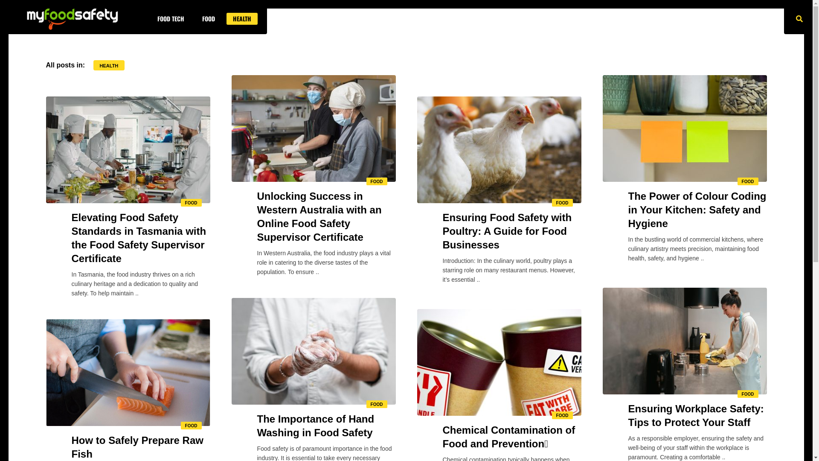 The width and height of the screenshot is (819, 461). What do you see at coordinates (562, 203) in the screenshot?
I see `'FOOD'` at bounding box center [562, 203].